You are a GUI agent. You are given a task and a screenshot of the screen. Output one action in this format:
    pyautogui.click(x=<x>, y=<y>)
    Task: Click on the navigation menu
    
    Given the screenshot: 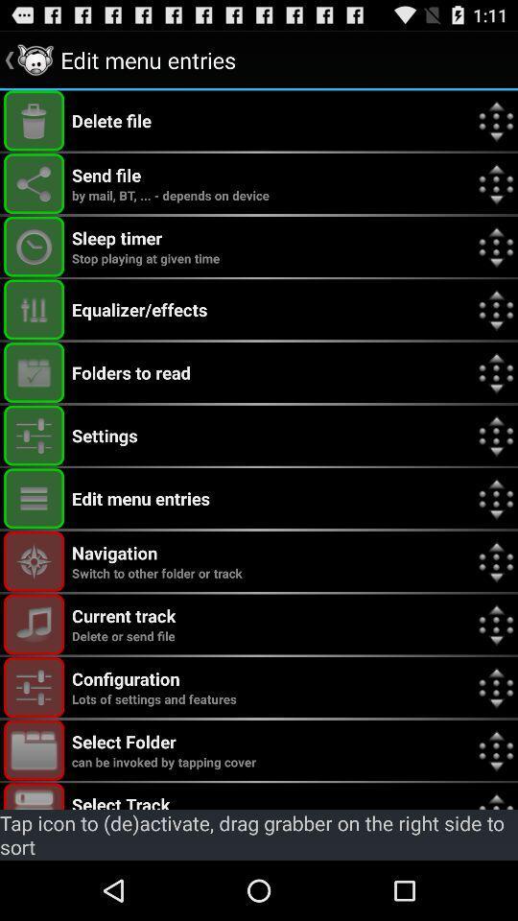 What is the action you would take?
    pyautogui.click(x=34, y=561)
    